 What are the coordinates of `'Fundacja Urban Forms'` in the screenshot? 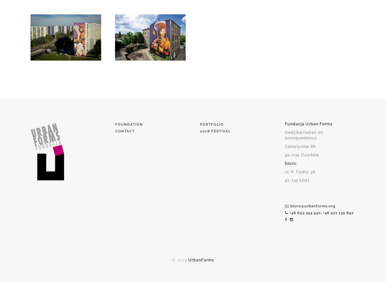 It's located at (308, 124).